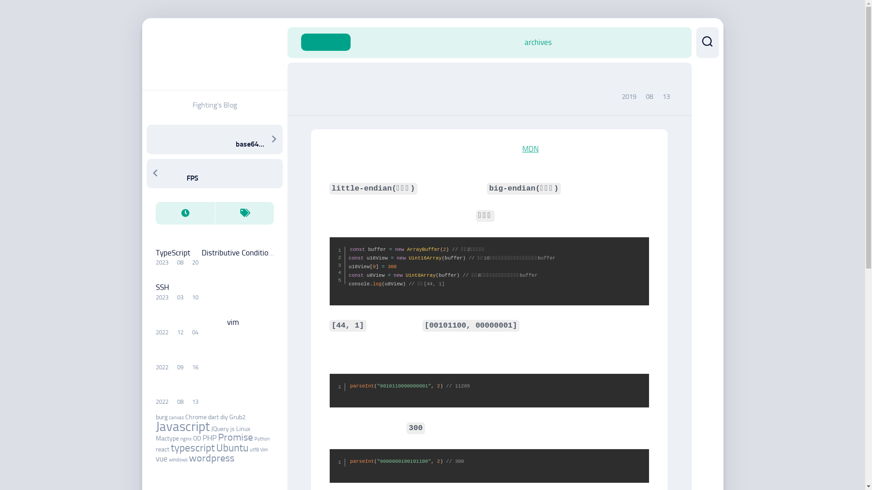 The height and width of the screenshot is (490, 872). What do you see at coordinates (235, 437) in the screenshot?
I see `'Promise'` at bounding box center [235, 437].